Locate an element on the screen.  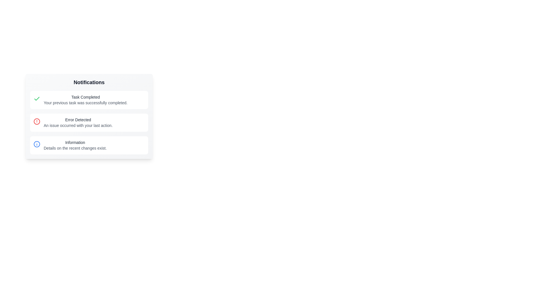
the completion icon that indicates the task has been successfully completed, which is positioned to the left of the text 'Task Completed' in the first notification card is located at coordinates (36, 98).